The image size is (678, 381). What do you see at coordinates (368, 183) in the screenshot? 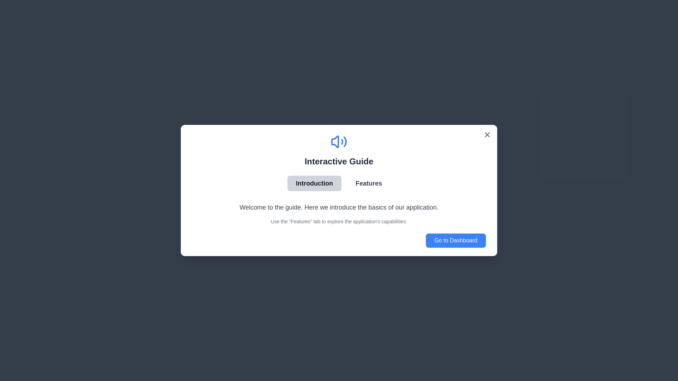
I see `the 'Features' button` at bounding box center [368, 183].